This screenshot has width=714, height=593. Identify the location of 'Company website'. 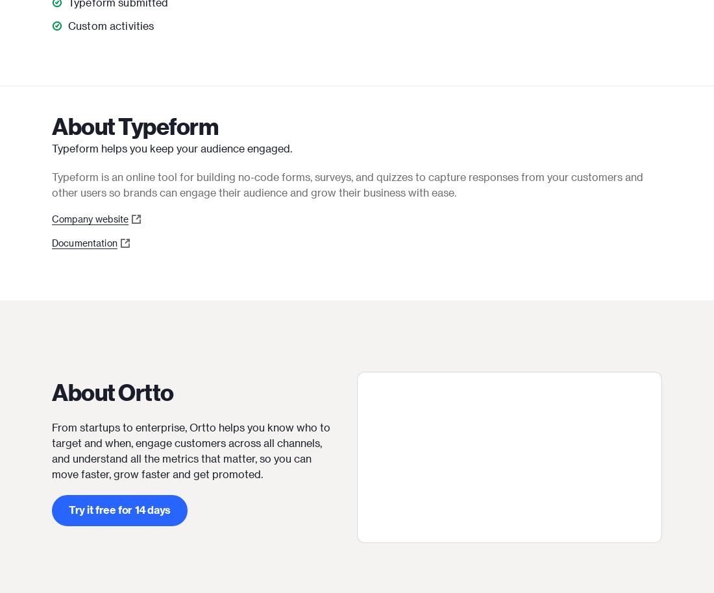
(90, 218).